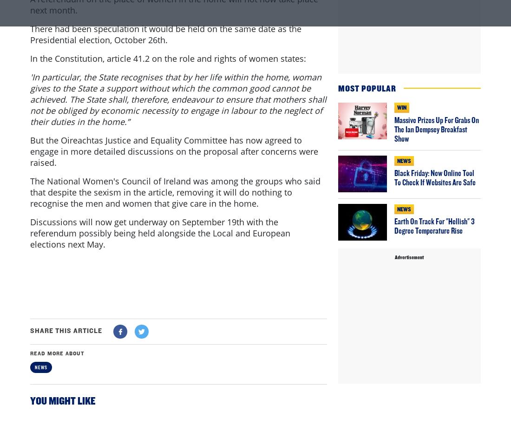 The width and height of the screenshot is (511, 438). Describe the element at coordinates (174, 42) in the screenshot. I see `'A referendum on the place of women in the home will not now take place next month.'` at that location.